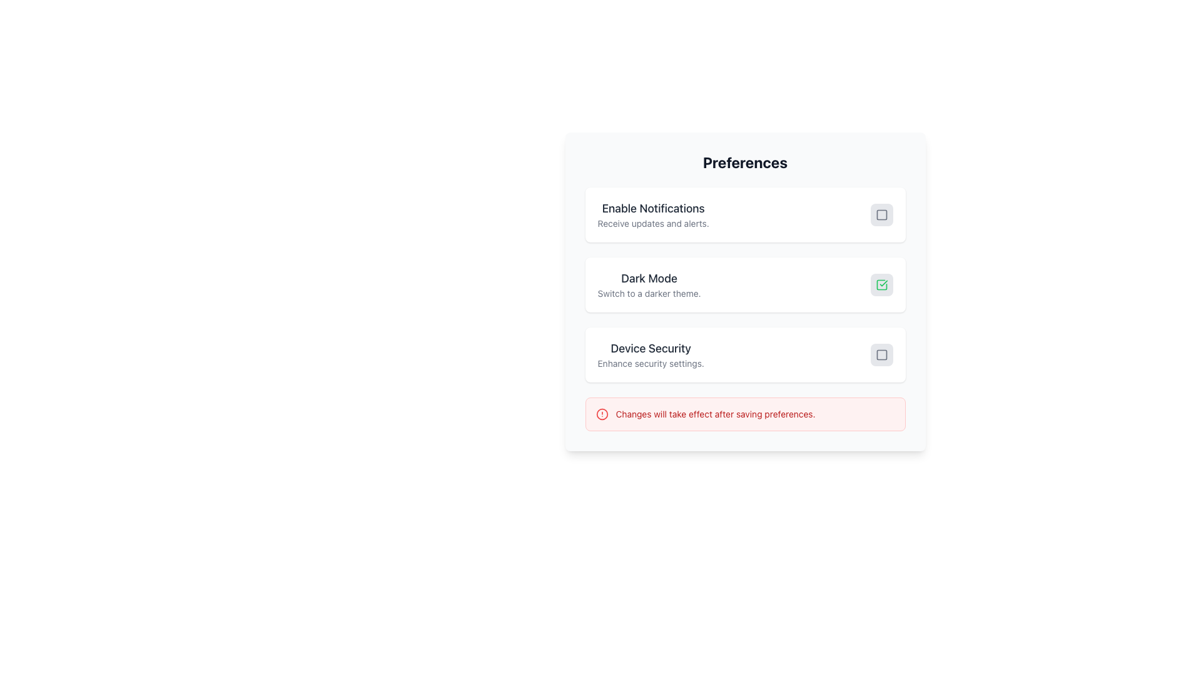  I want to click on the circular part of the warning icon located in the 'Preferences' settings panel, which is positioned to the left of the red-text message 'Changes will take effect after saving preferences.', so click(602, 414).